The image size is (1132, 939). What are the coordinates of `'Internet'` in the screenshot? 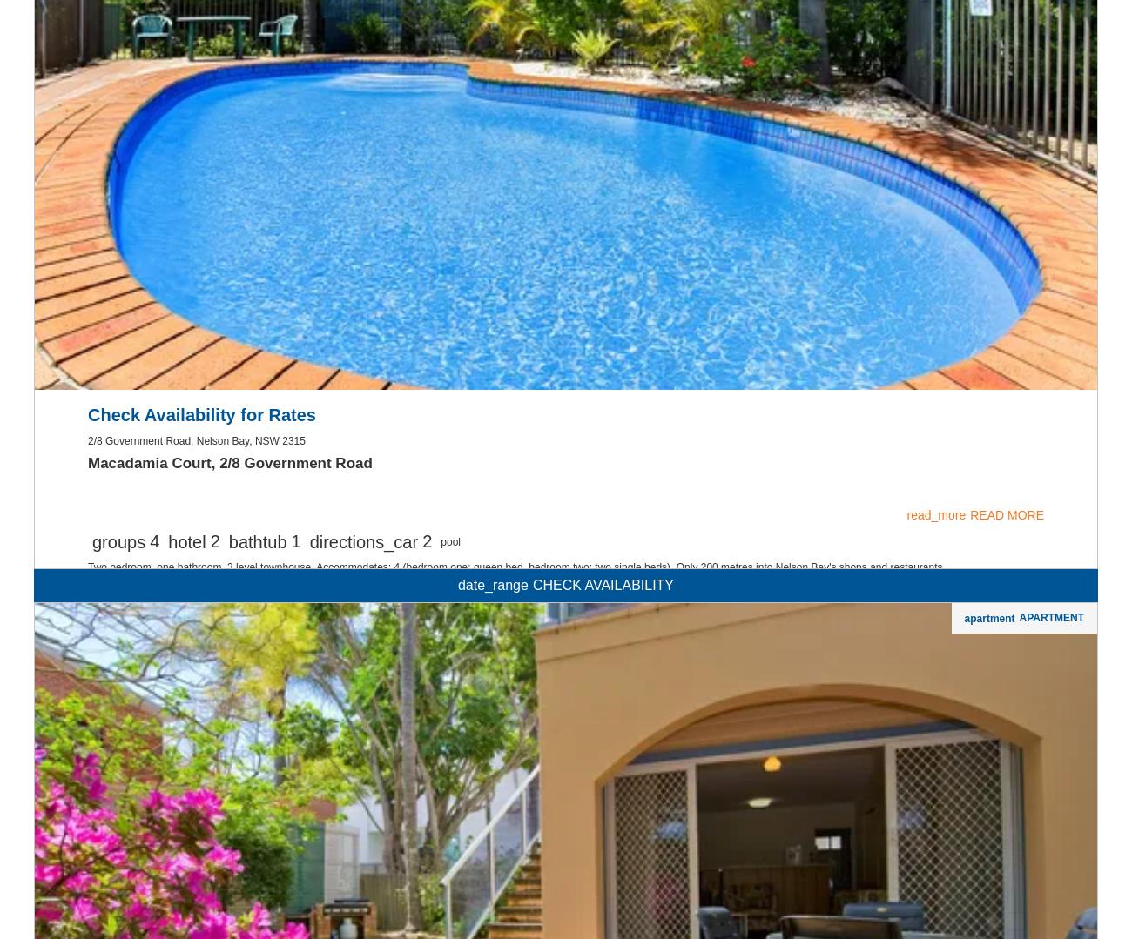 It's located at (565, 41).